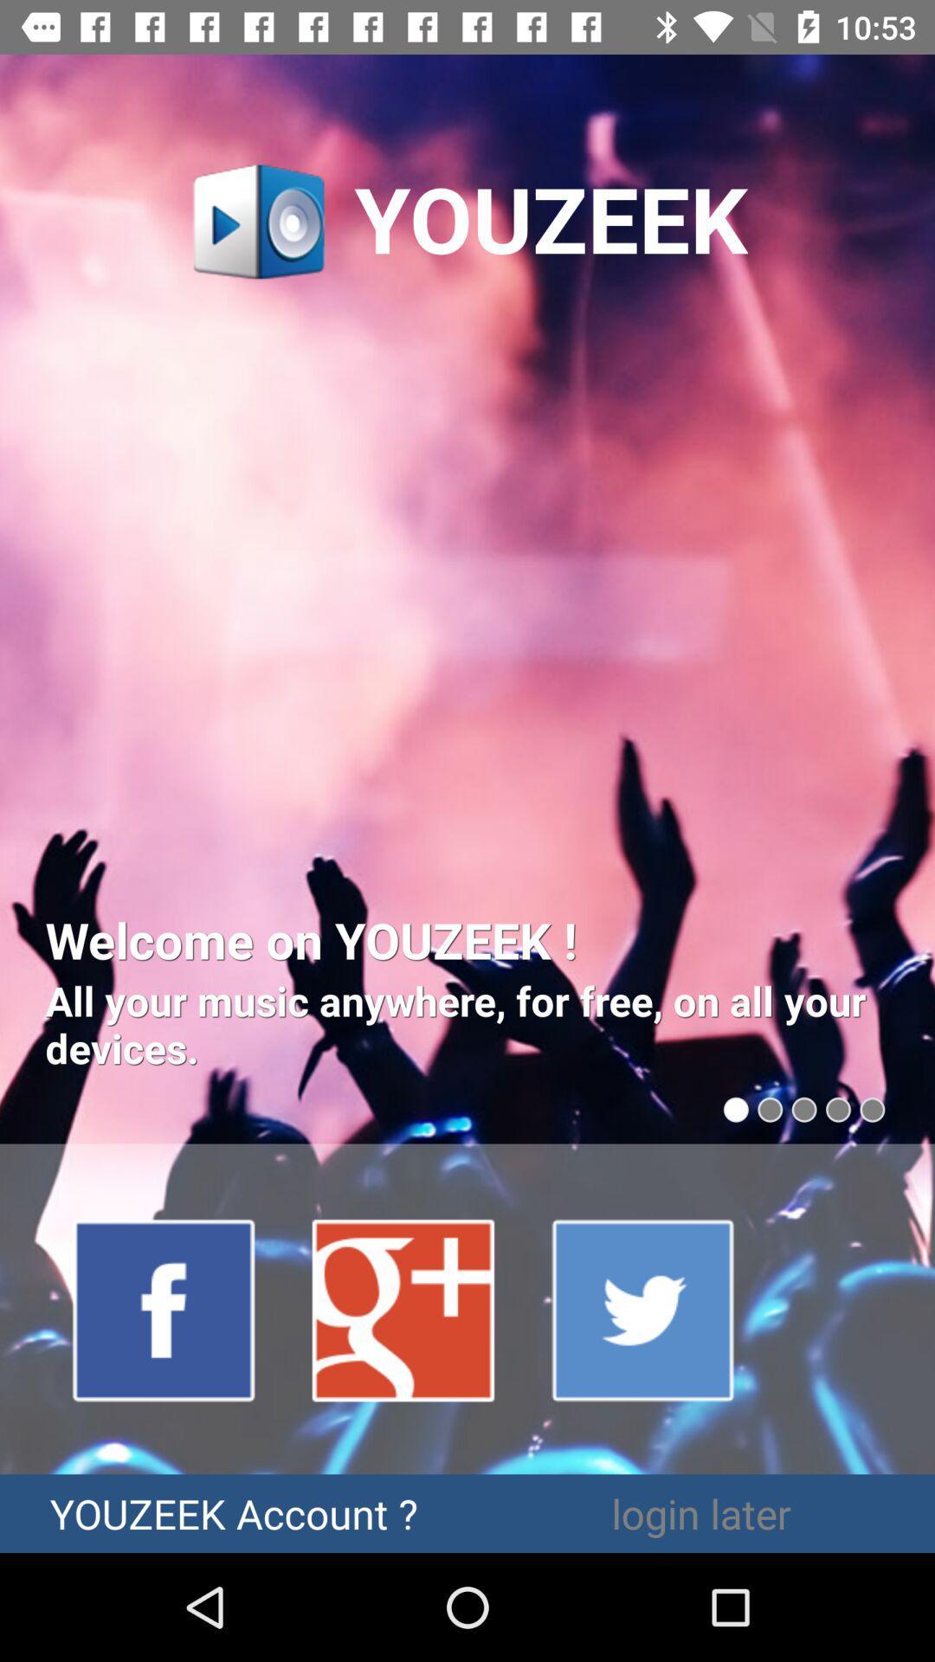 Image resolution: width=935 pixels, height=1662 pixels. What do you see at coordinates (234, 1512) in the screenshot?
I see `youzeek account ?` at bounding box center [234, 1512].